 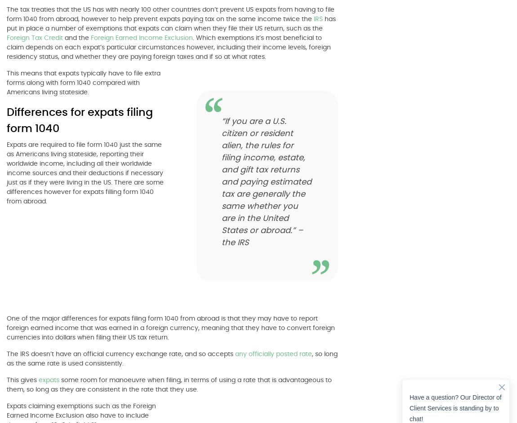 I want to click on 'Differences for expats filing form 1040', so click(x=79, y=120).